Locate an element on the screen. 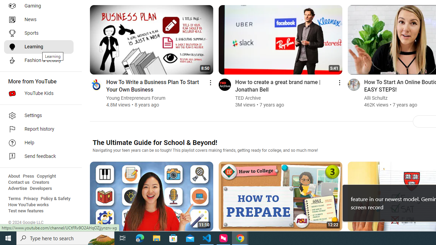 Image resolution: width=436 pixels, height=245 pixels. 'About' is located at coordinates (14, 176).